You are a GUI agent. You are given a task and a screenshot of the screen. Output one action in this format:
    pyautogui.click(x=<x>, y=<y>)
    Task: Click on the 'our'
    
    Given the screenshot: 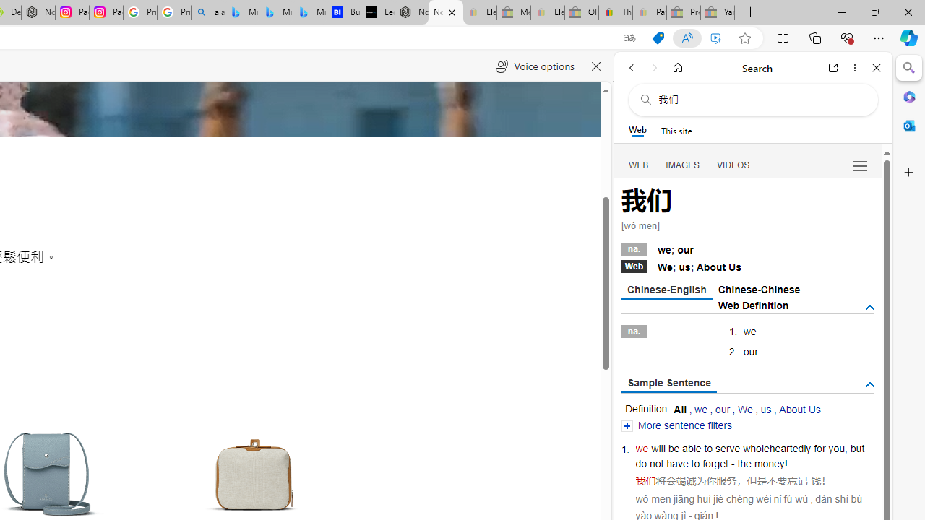 What is the action you would take?
    pyautogui.click(x=723, y=409)
    